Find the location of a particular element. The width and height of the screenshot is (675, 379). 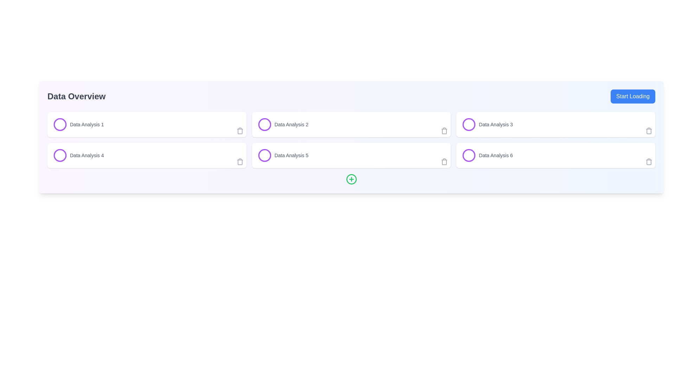

the small gray trash can icon located in the bottom-right corner of the 'Data Analysis 6' card is located at coordinates (649, 162).